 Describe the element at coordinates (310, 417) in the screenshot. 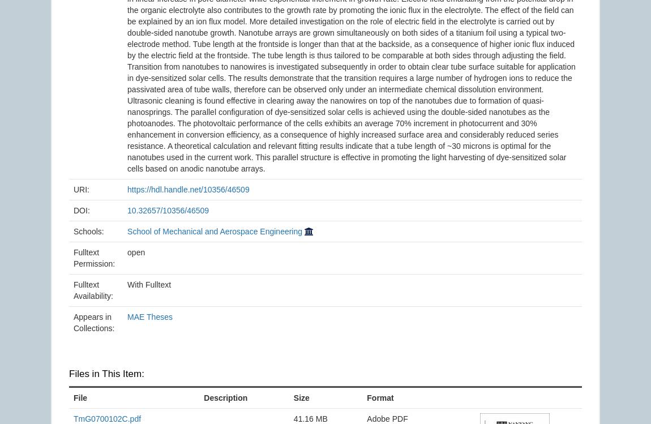

I see `'41.16 MB'` at that location.